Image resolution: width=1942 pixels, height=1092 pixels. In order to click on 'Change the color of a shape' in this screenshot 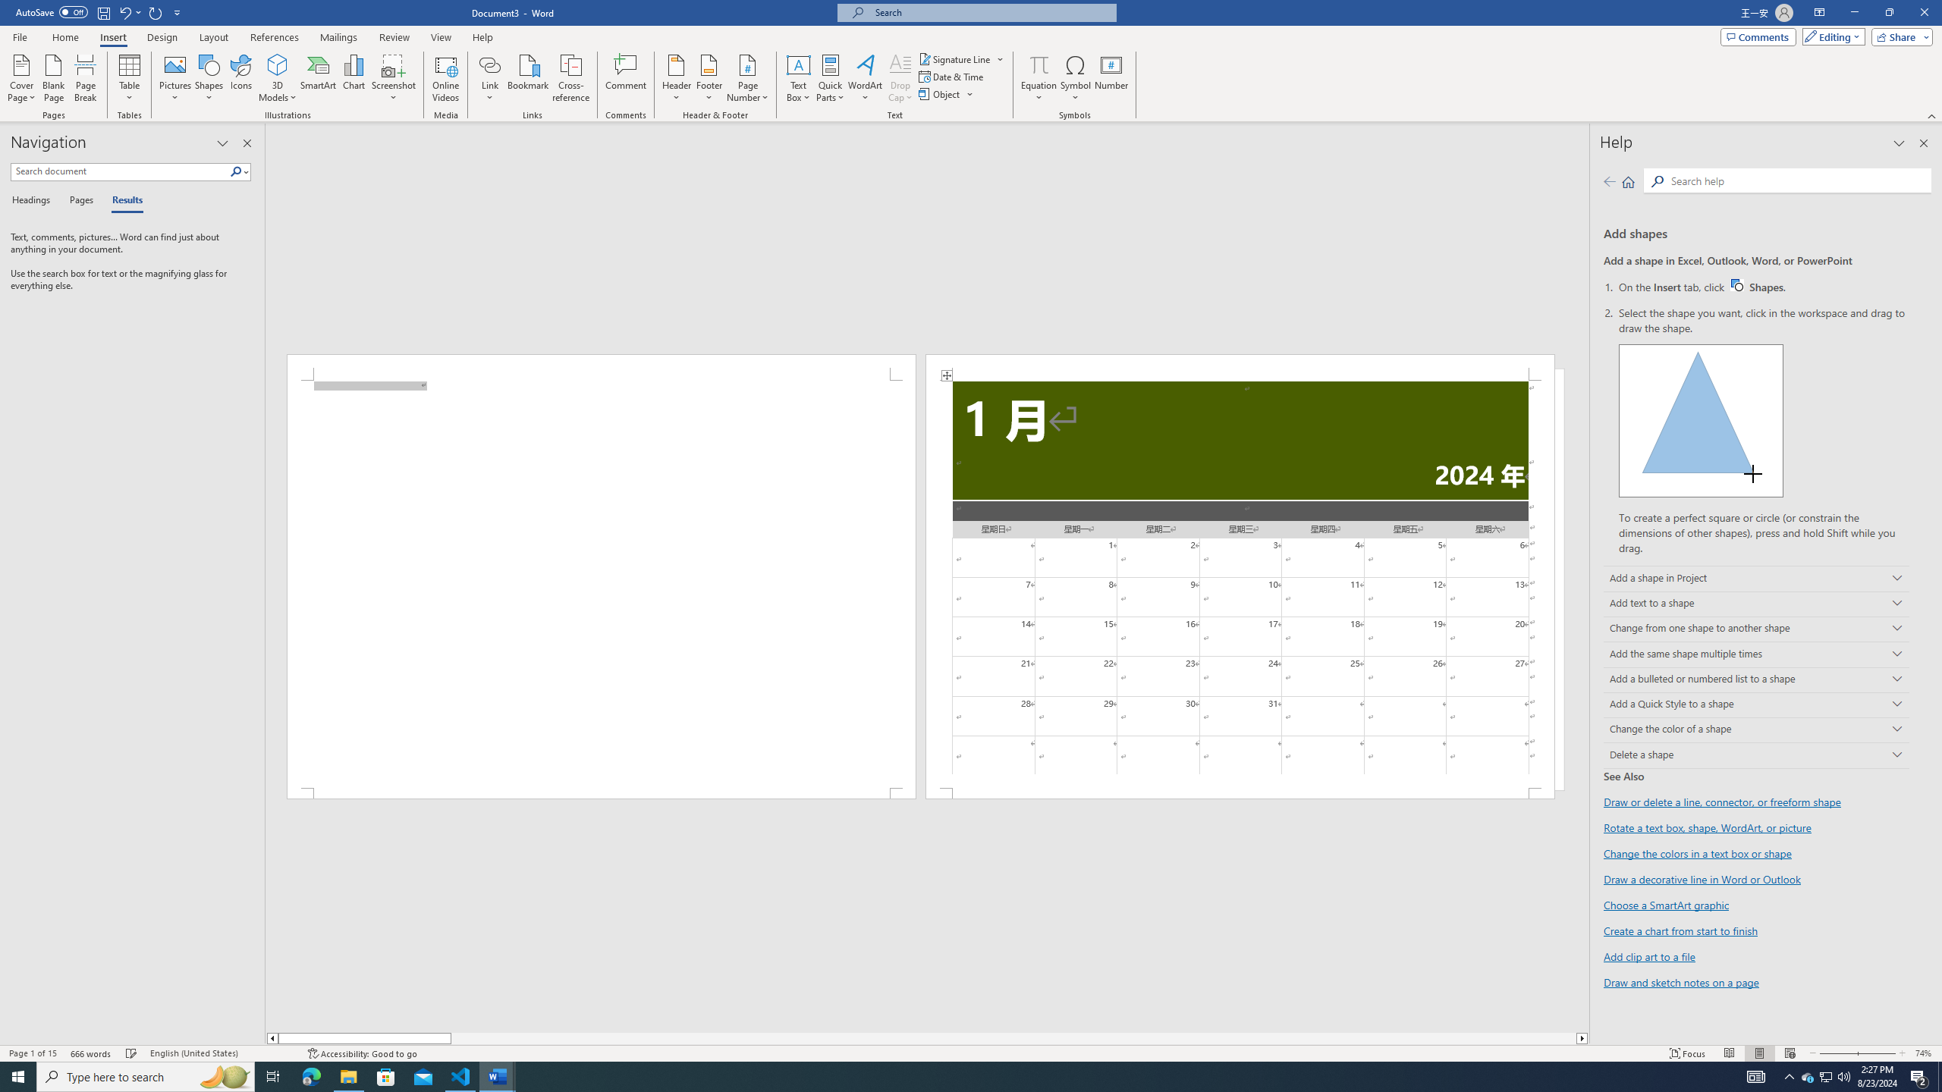, I will do `click(1756, 730)`.